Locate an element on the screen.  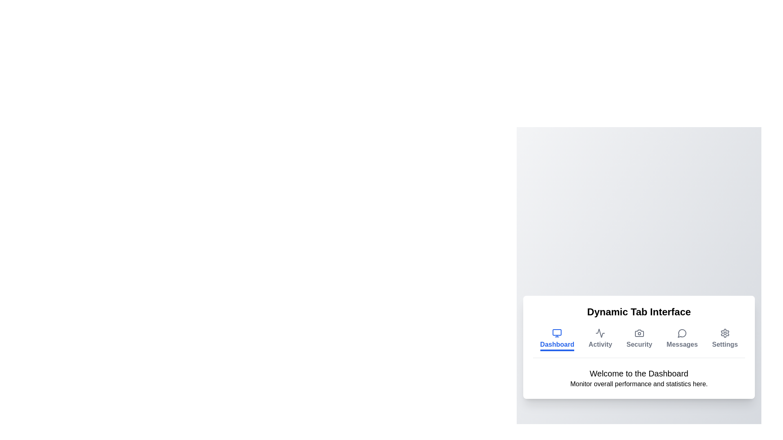
the messaging icon located in the 'Messages' tab section of the navigation bar, which is the fourth icon from the left is located at coordinates (682, 333).